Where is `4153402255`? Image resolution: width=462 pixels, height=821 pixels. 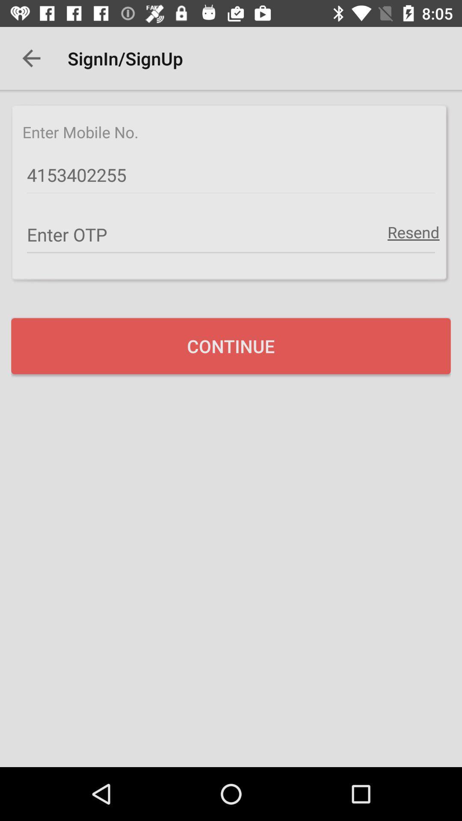
4153402255 is located at coordinates (231, 175).